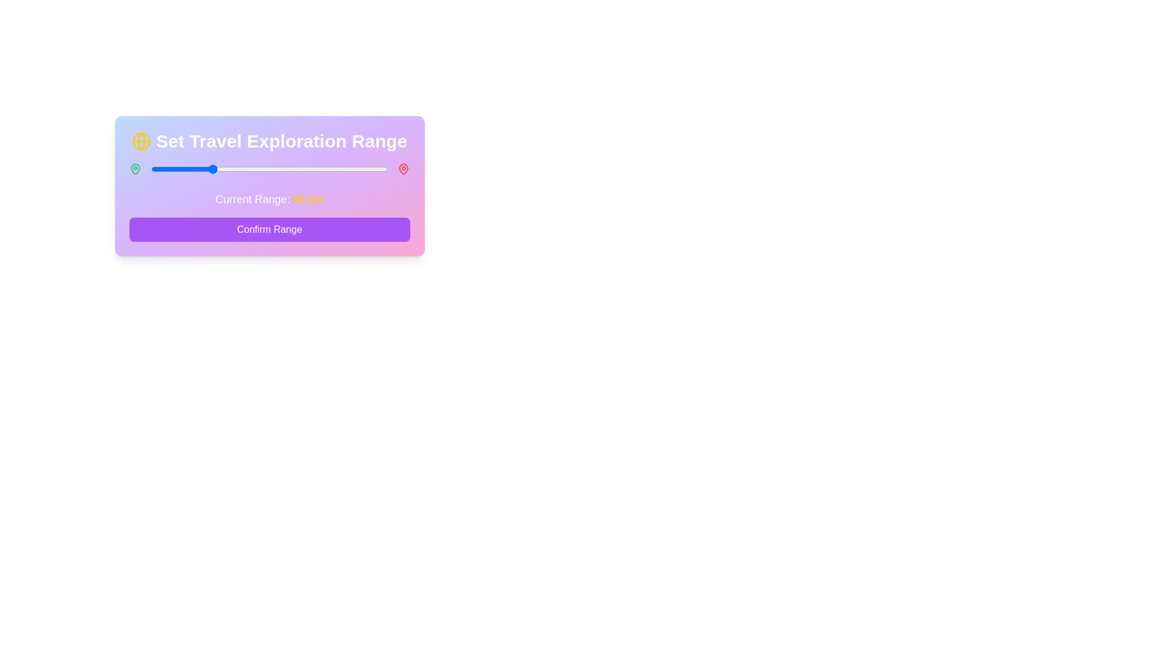 The width and height of the screenshot is (1162, 653). What do you see at coordinates (211, 169) in the screenshot?
I see `the slider to set the range to 51 km` at bounding box center [211, 169].